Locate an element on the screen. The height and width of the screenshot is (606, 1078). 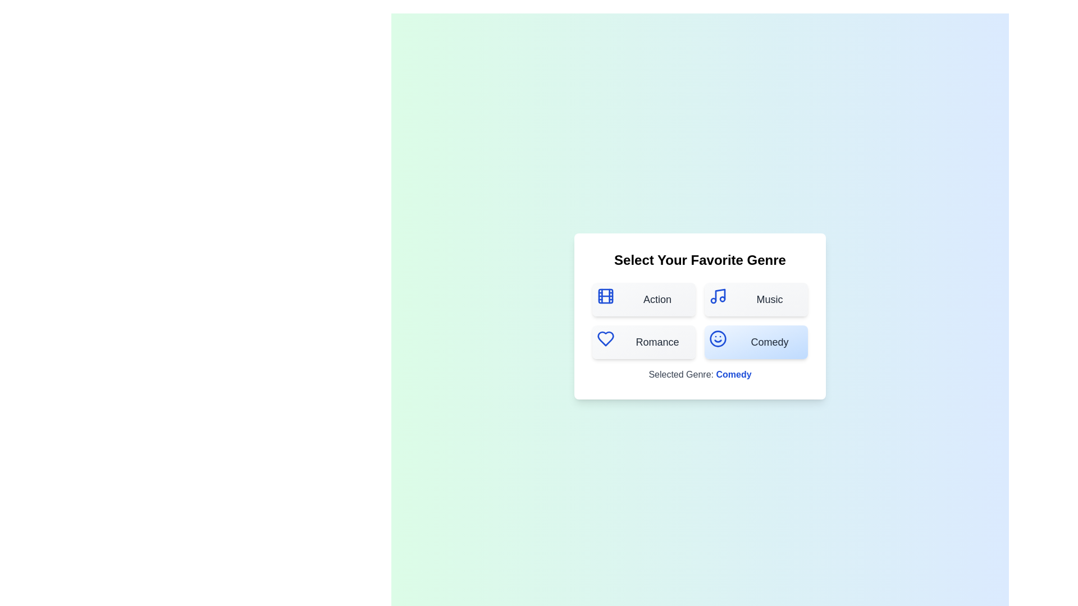
the 'Romance' button located in the bottom-left quadrant of the 'Select Your Favorite Genre' interface, which contains a blue outlined heart icon in its top-left corner is located at coordinates (605, 338).